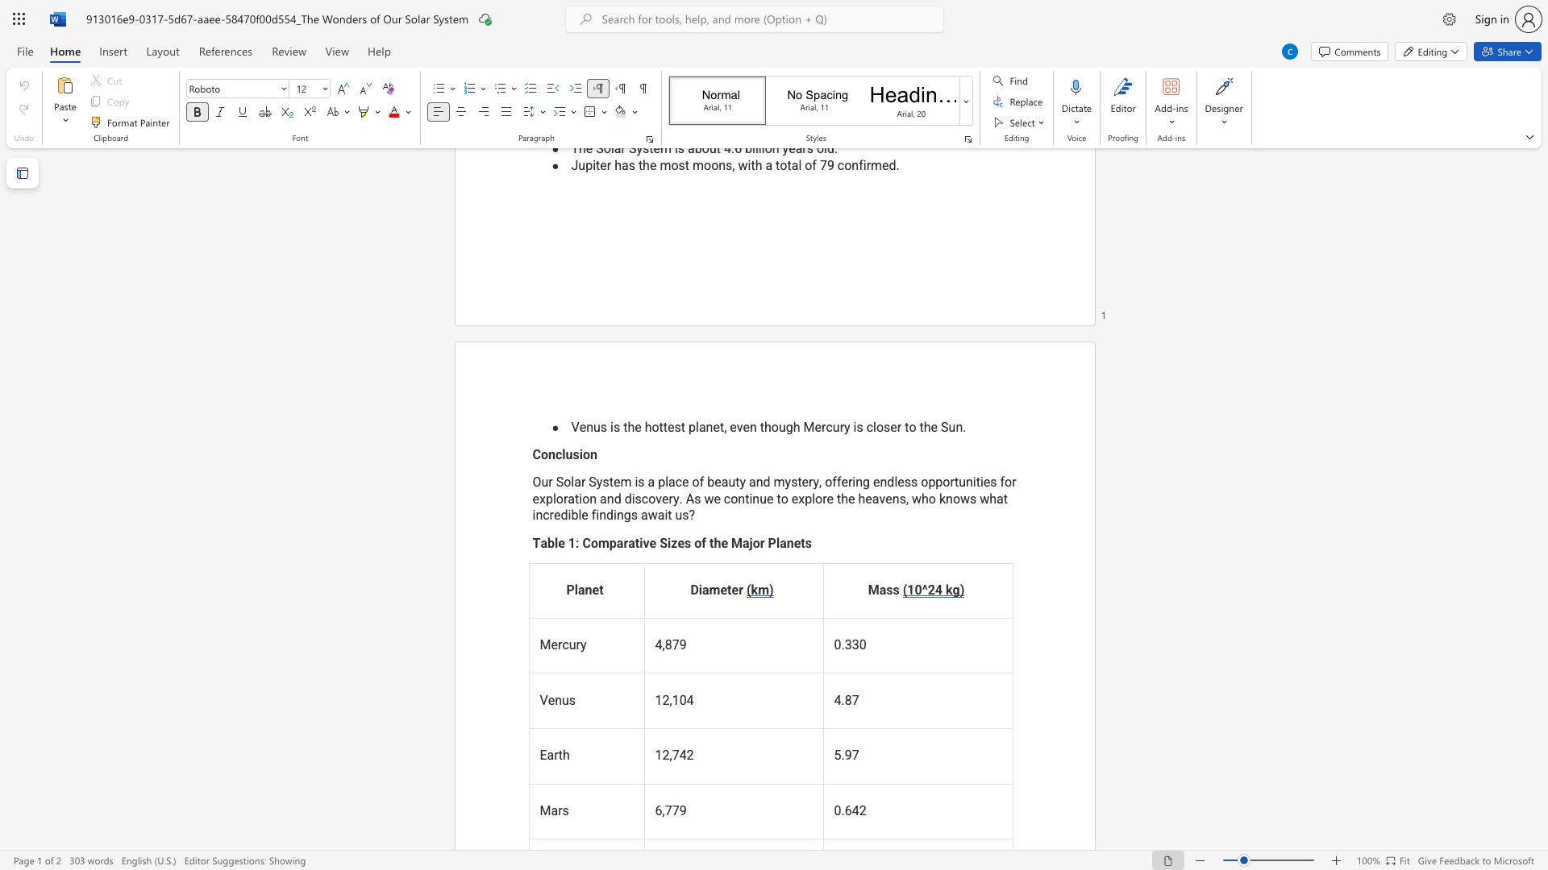  What do you see at coordinates (791, 498) in the screenshot?
I see `the subset text "explore the heavens, who knows w" within the text "Our Solar System is a place of beauty and mystery, offering endless opportunities for exploration and discovery. As we continue to explore the heavens, who knows what incredible findings await us?"` at bounding box center [791, 498].